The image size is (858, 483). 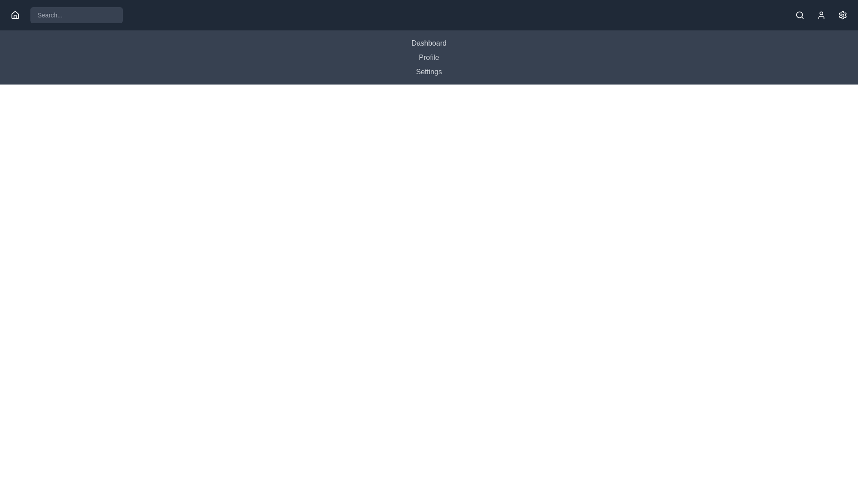 What do you see at coordinates (821, 15) in the screenshot?
I see `the user profile icon located at the upper-right corner of the header, which is the second icon in a group of three, for tooltip or visual feedback` at bounding box center [821, 15].